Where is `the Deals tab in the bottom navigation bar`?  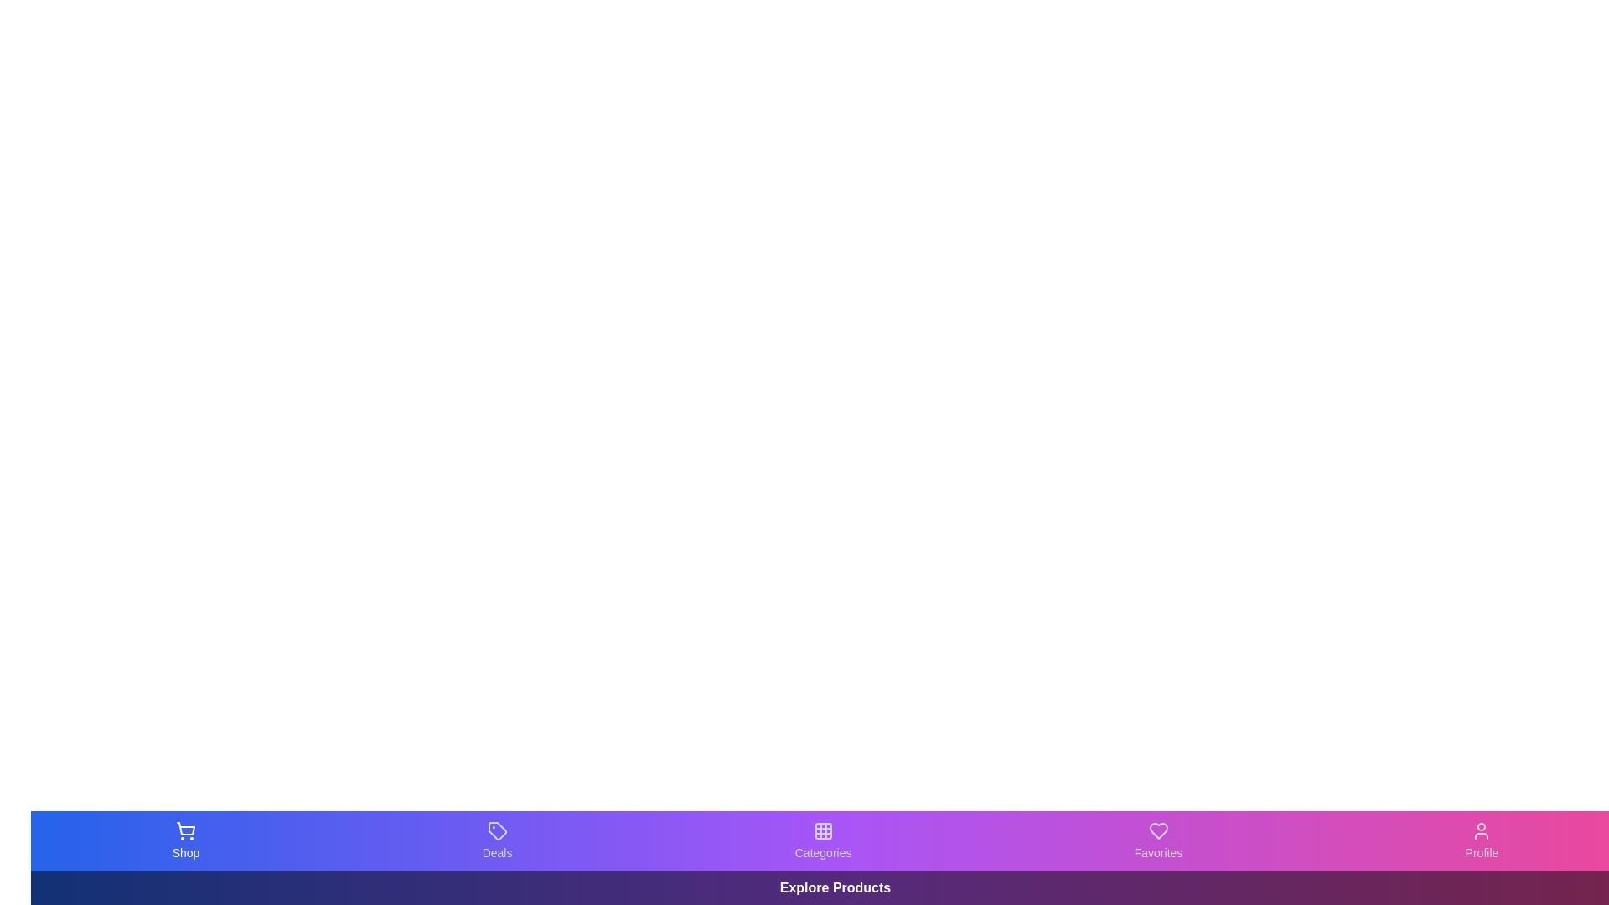 the Deals tab in the bottom navigation bar is located at coordinates (496, 840).